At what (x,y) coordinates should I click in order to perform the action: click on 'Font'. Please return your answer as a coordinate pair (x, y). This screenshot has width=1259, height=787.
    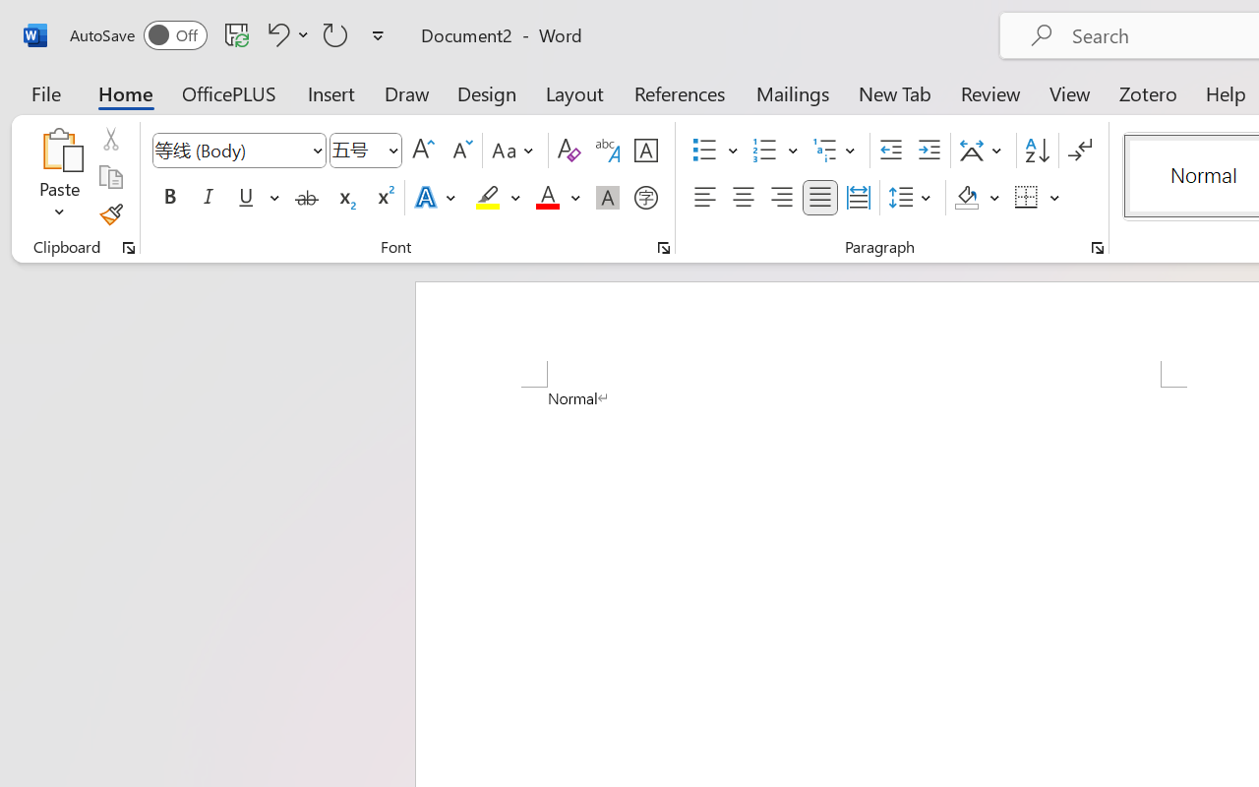
    Looking at the image, I should click on (230, 150).